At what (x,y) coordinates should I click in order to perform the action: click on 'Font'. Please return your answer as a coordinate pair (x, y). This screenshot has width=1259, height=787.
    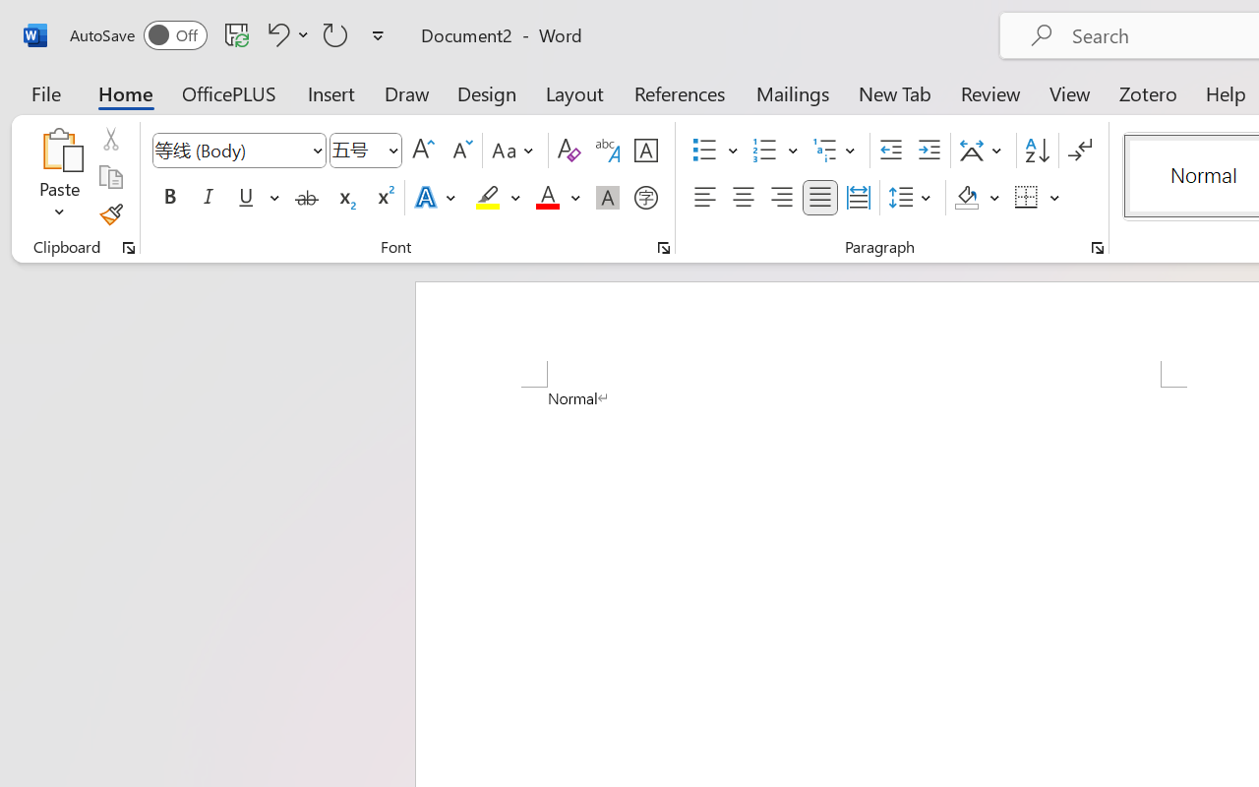
    Looking at the image, I should click on (230, 150).